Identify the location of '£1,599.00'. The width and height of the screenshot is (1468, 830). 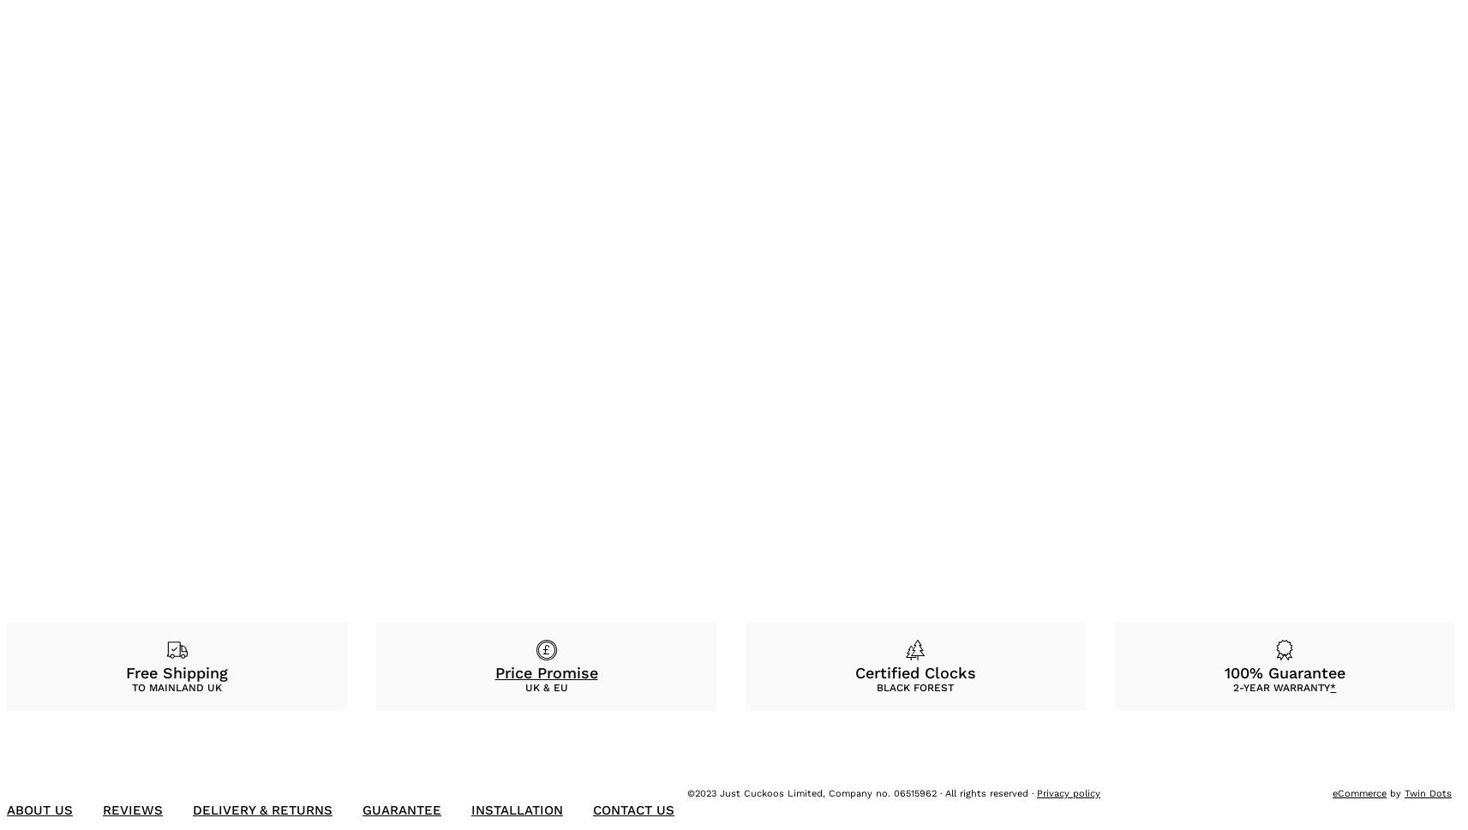
(323, 477).